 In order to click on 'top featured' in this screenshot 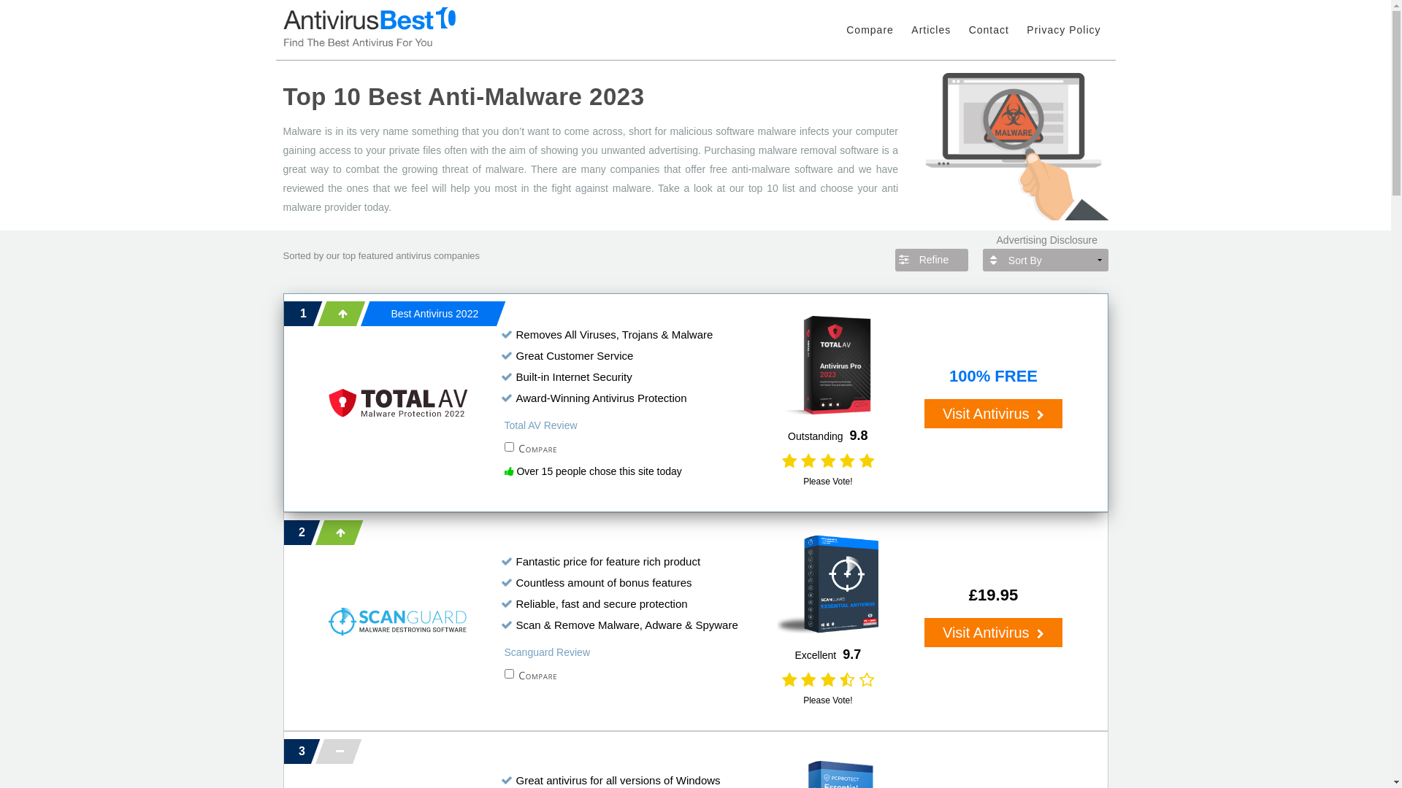, I will do `click(367, 255)`.